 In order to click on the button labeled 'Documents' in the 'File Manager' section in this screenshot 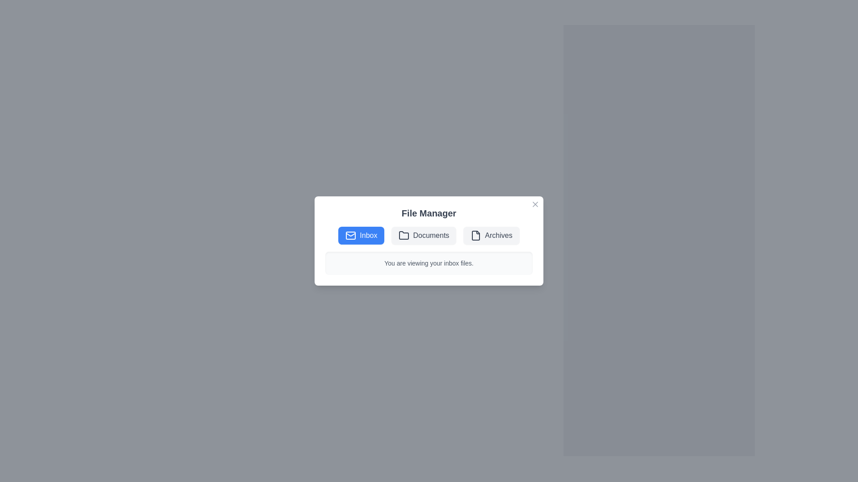, I will do `click(423, 235)`.